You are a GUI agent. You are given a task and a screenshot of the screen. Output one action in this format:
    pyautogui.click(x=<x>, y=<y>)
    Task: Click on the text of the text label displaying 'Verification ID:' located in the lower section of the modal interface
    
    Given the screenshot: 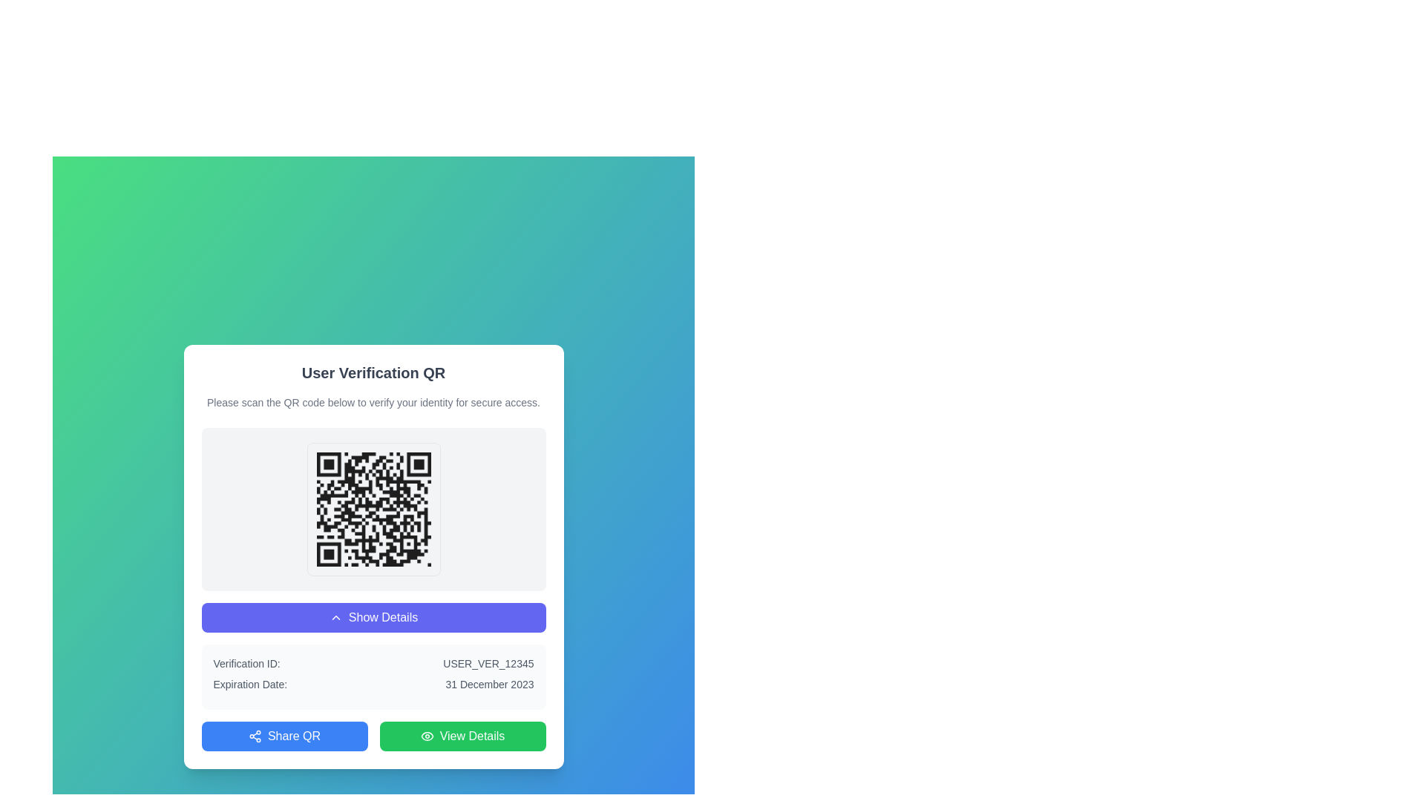 What is the action you would take?
    pyautogui.click(x=246, y=662)
    